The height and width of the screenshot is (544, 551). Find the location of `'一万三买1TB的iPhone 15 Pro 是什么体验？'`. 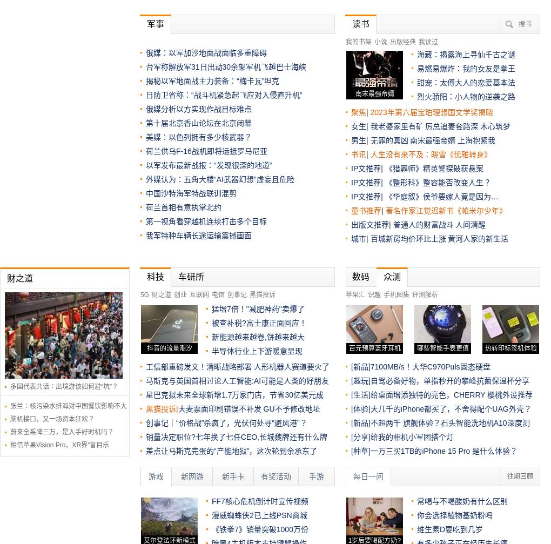

'一万三买1TB的iPhone 15 Pro 是什么体验？' is located at coordinates (444, 451).